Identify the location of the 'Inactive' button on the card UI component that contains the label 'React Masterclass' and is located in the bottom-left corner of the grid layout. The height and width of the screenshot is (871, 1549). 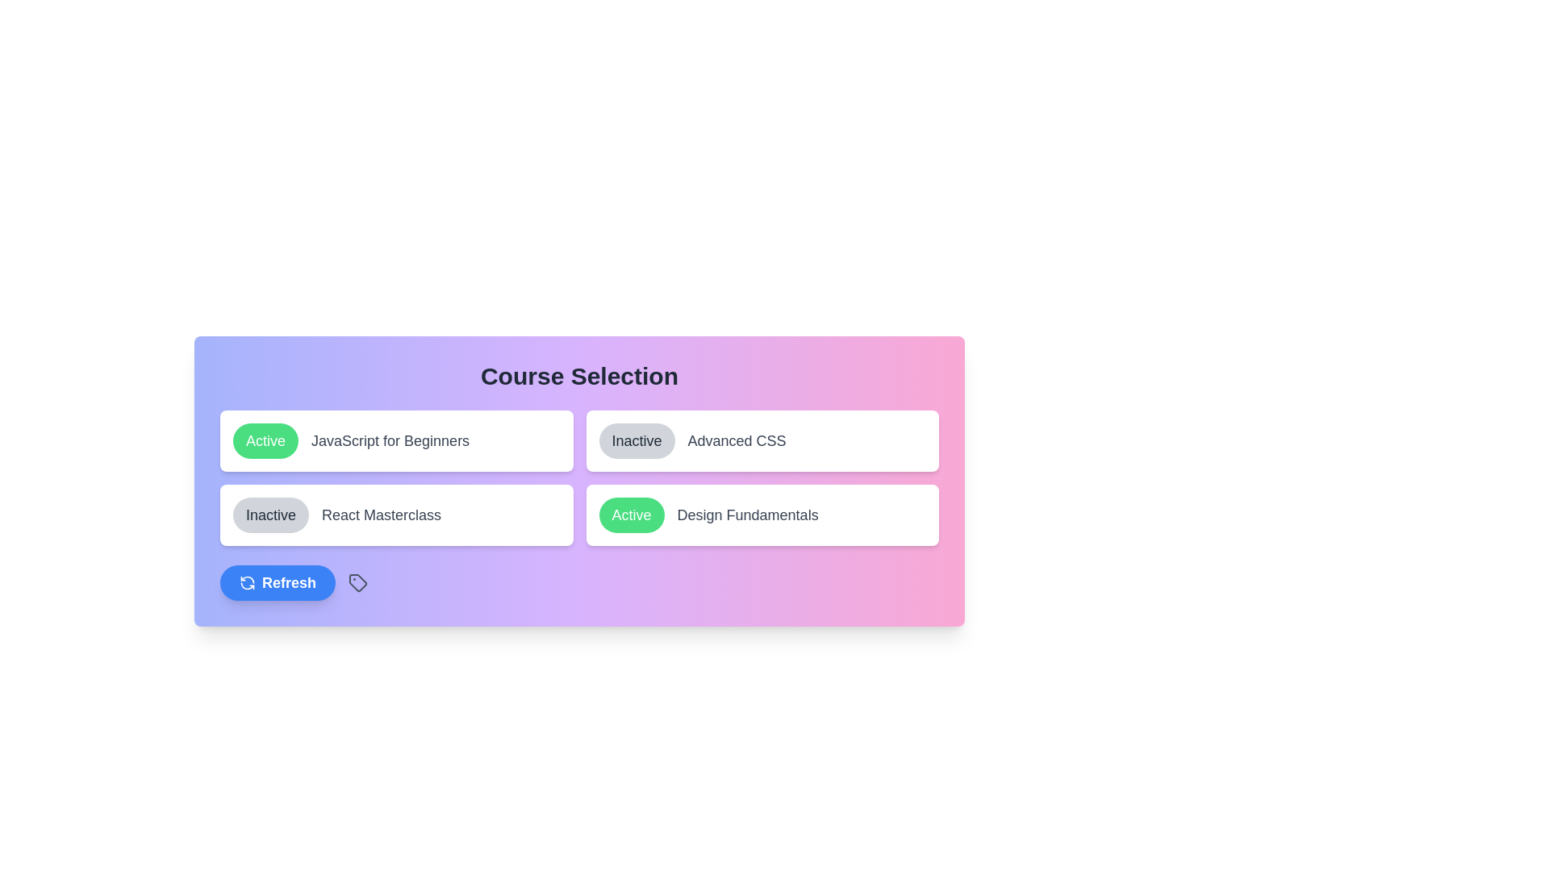
(396, 515).